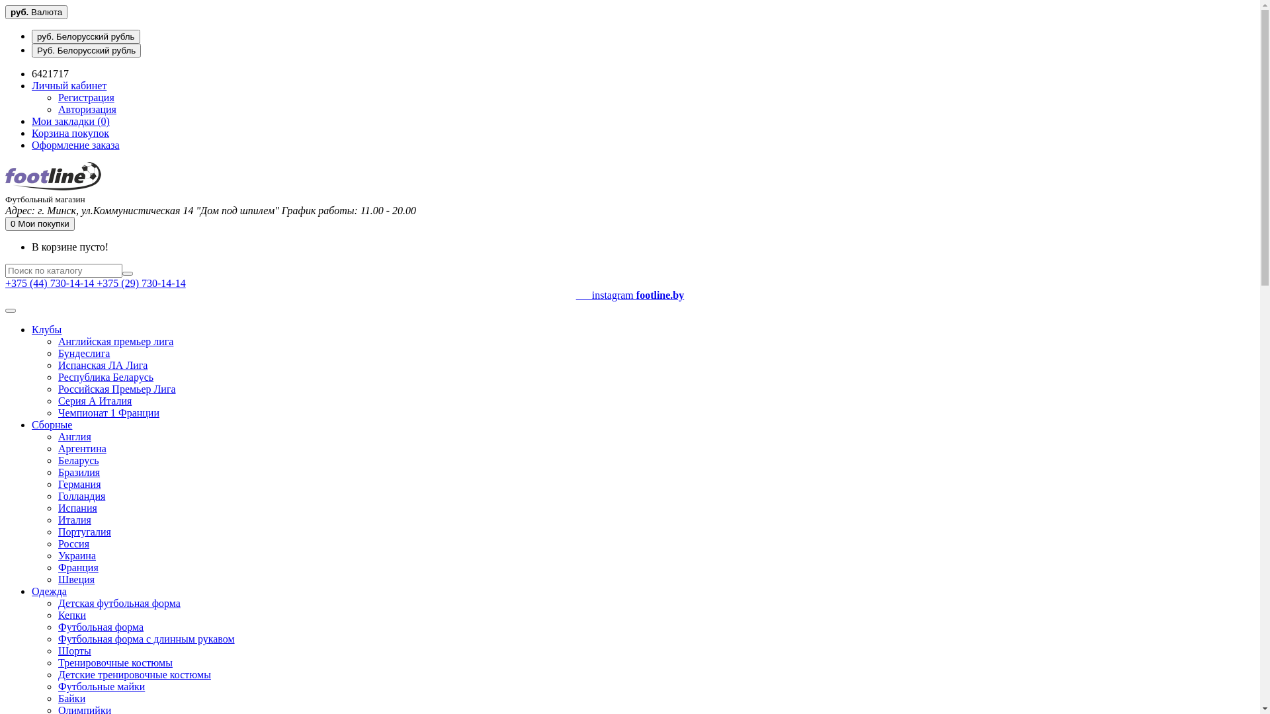 The width and height of the screenshot is (1270, 714). What do you see at coordinates (95, 282) in the screenshot?
I see `'+375 (29) 730-14-14'` at bounding box center [95, 282].